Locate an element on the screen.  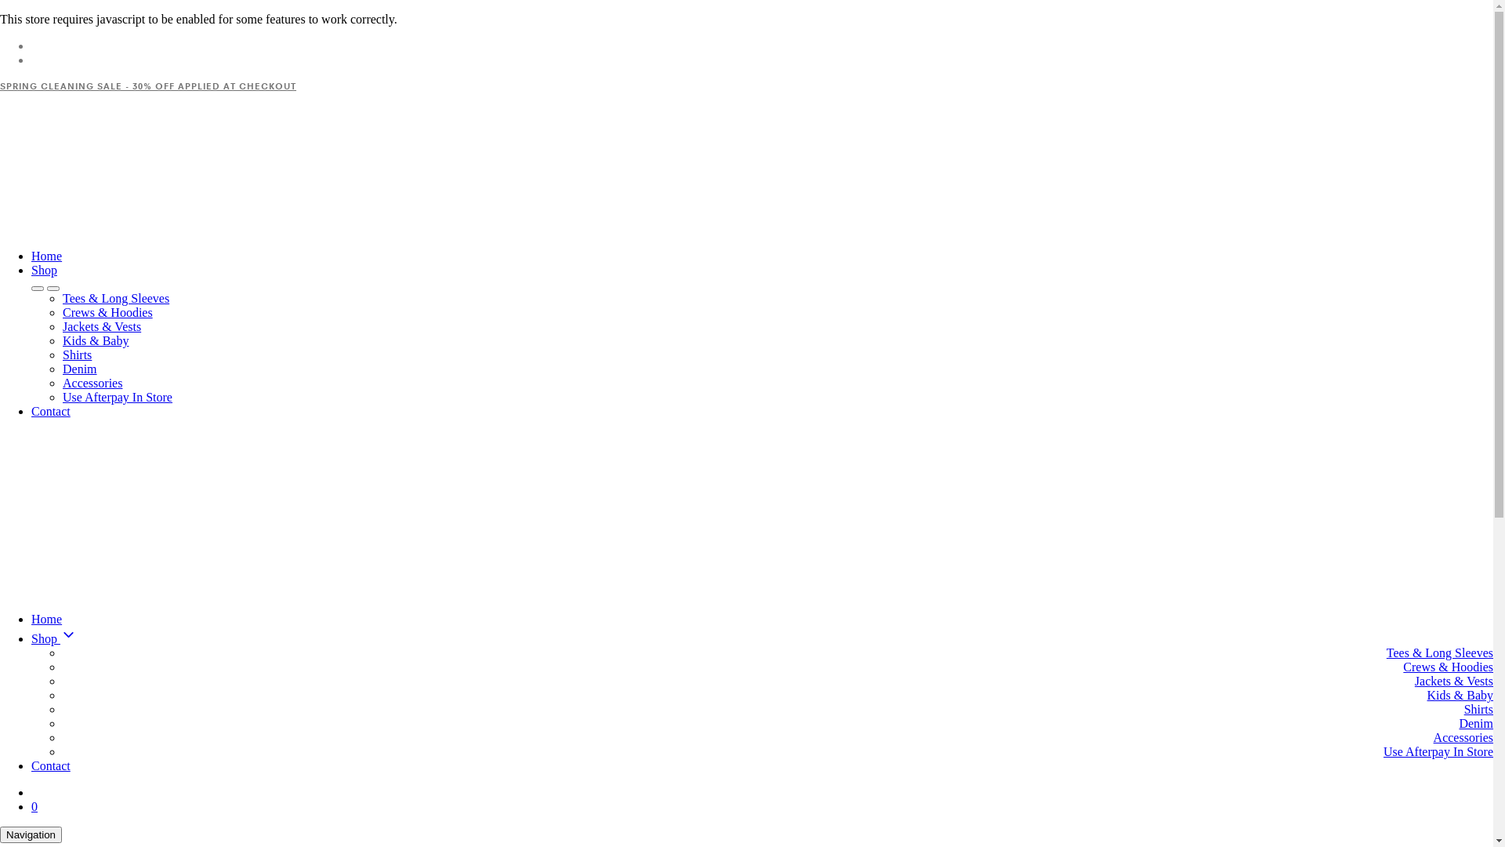
'Jackets & Vests' is located at coordinates (100, 325).